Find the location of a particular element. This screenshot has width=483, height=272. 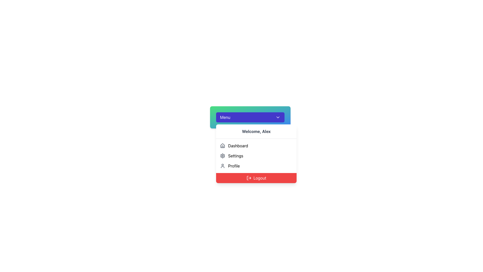

the dropdown toggle icon located on the right side of the 'Menu' button is located at coordinates (277, 117).